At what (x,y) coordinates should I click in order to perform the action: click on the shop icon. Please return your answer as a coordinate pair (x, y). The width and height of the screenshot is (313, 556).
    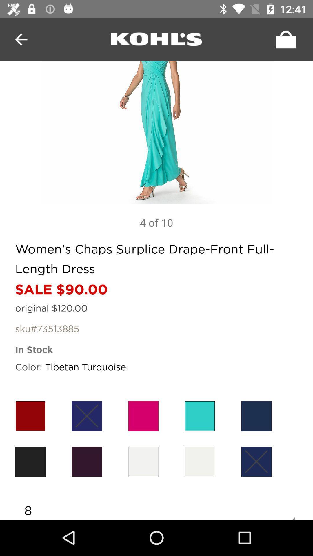
    Looking at the image, I should click on (284, 39).